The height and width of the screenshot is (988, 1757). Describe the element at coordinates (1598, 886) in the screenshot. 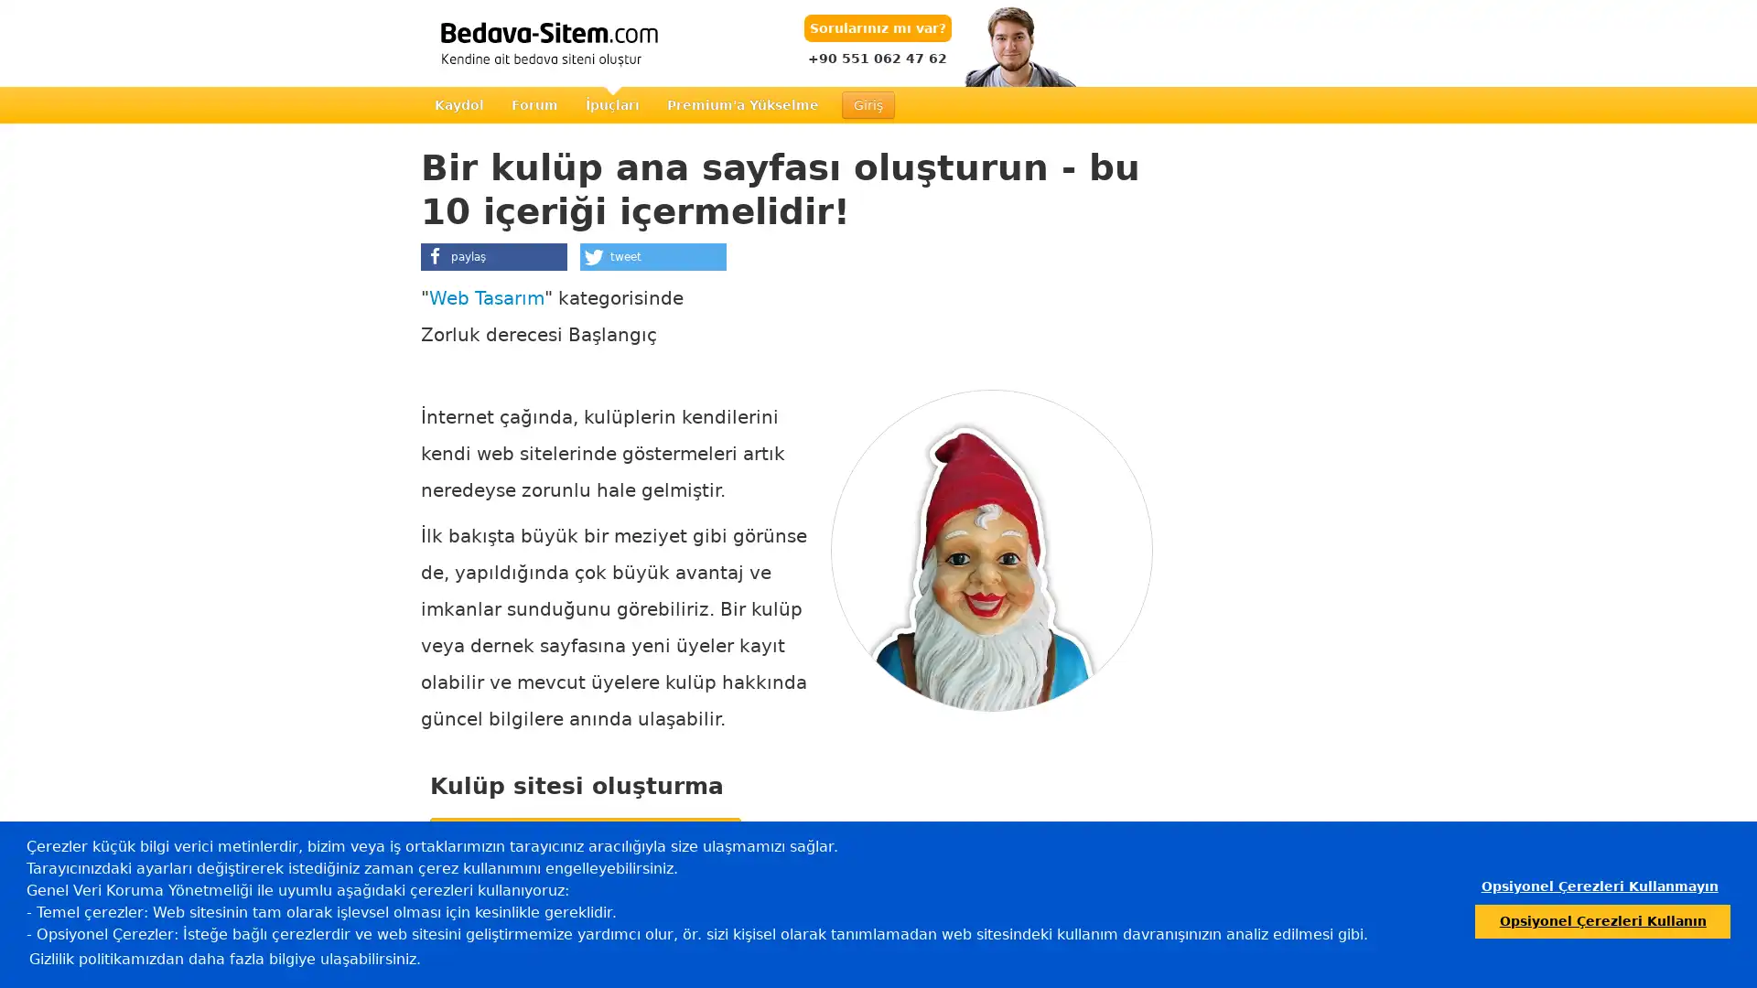

I see `dismiss cookie message` at that location.